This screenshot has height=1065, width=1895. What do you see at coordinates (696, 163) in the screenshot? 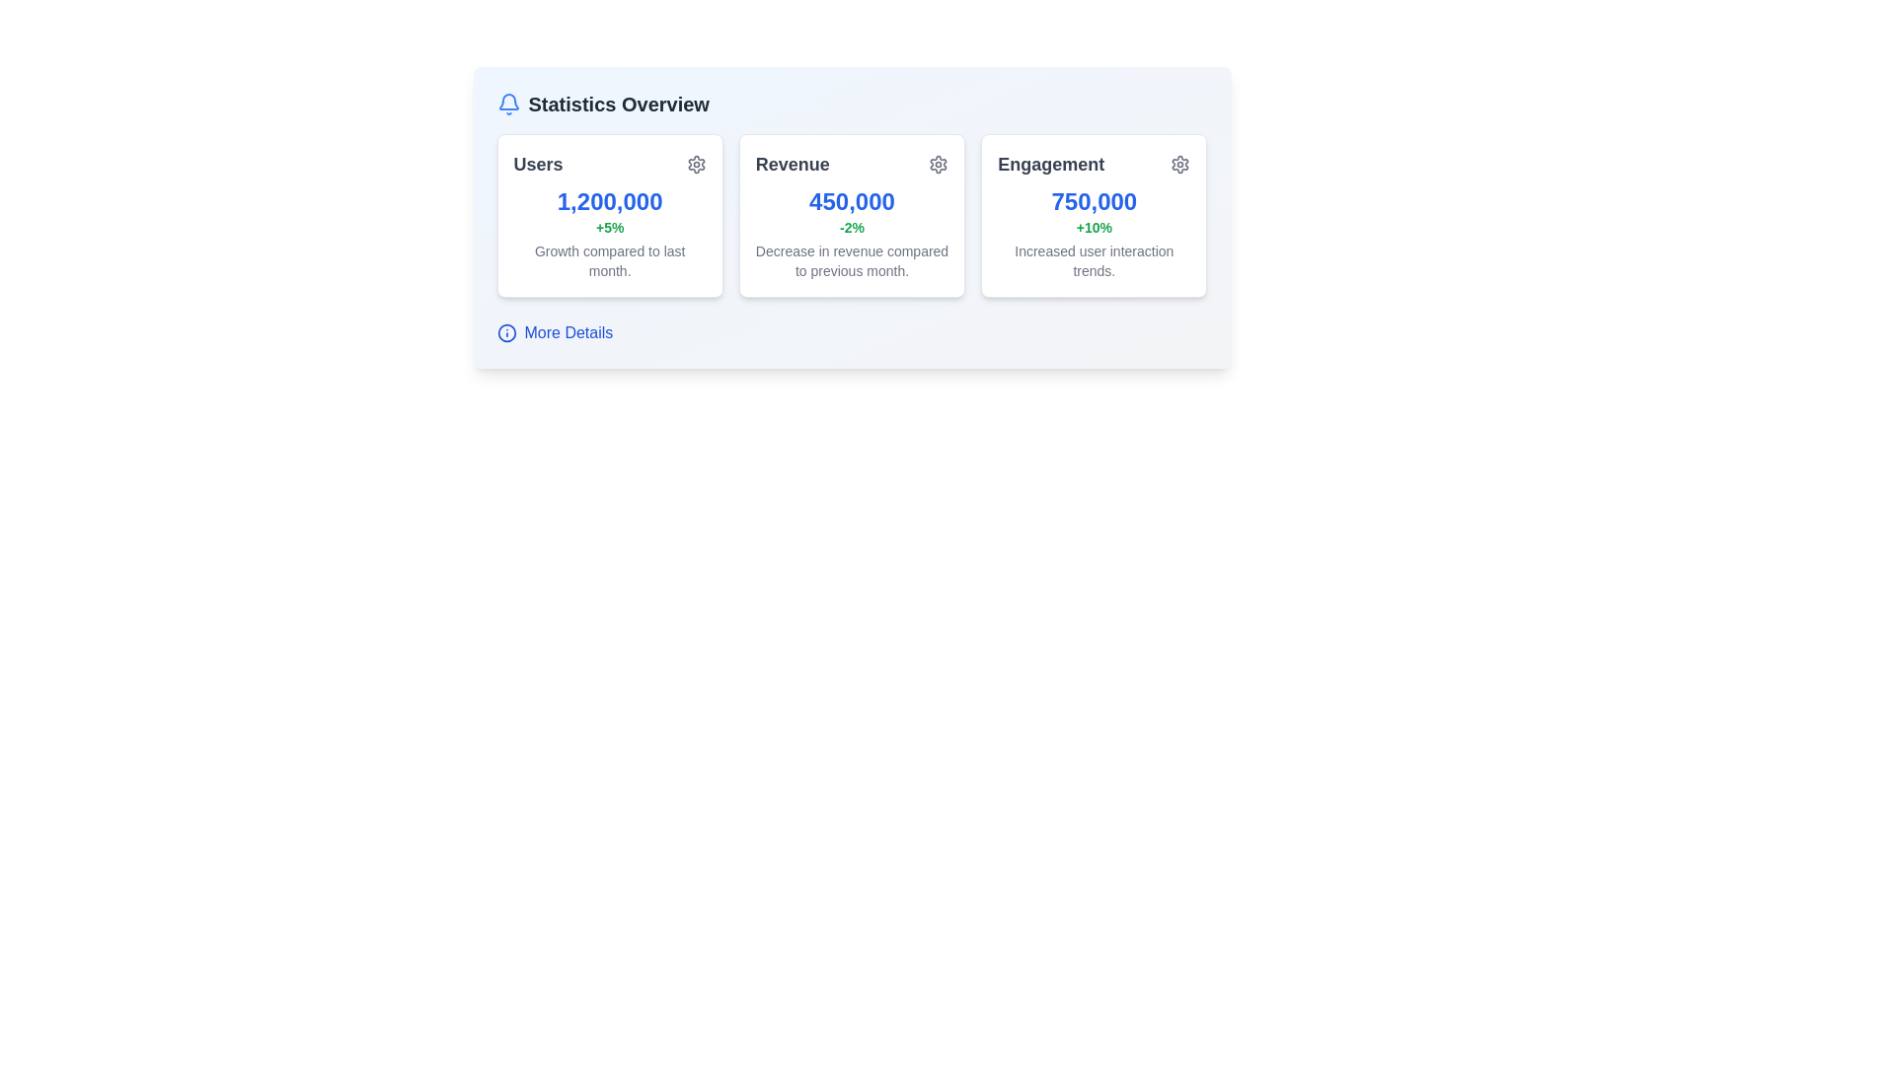
I see `the gear-shaped icon in the top-right corner of the 'Users' card` at bounding box center [696, 163].